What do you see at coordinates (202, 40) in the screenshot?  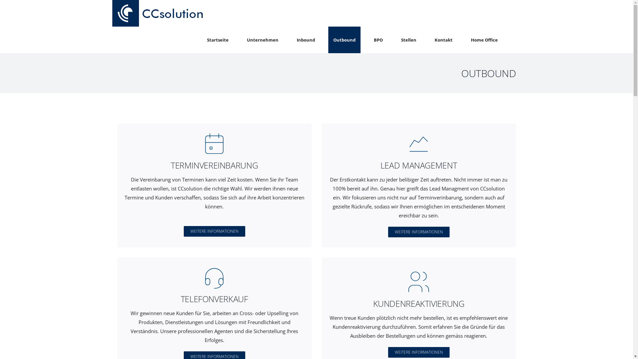 I see `'Startseite'` at bounding box center [202, 40].